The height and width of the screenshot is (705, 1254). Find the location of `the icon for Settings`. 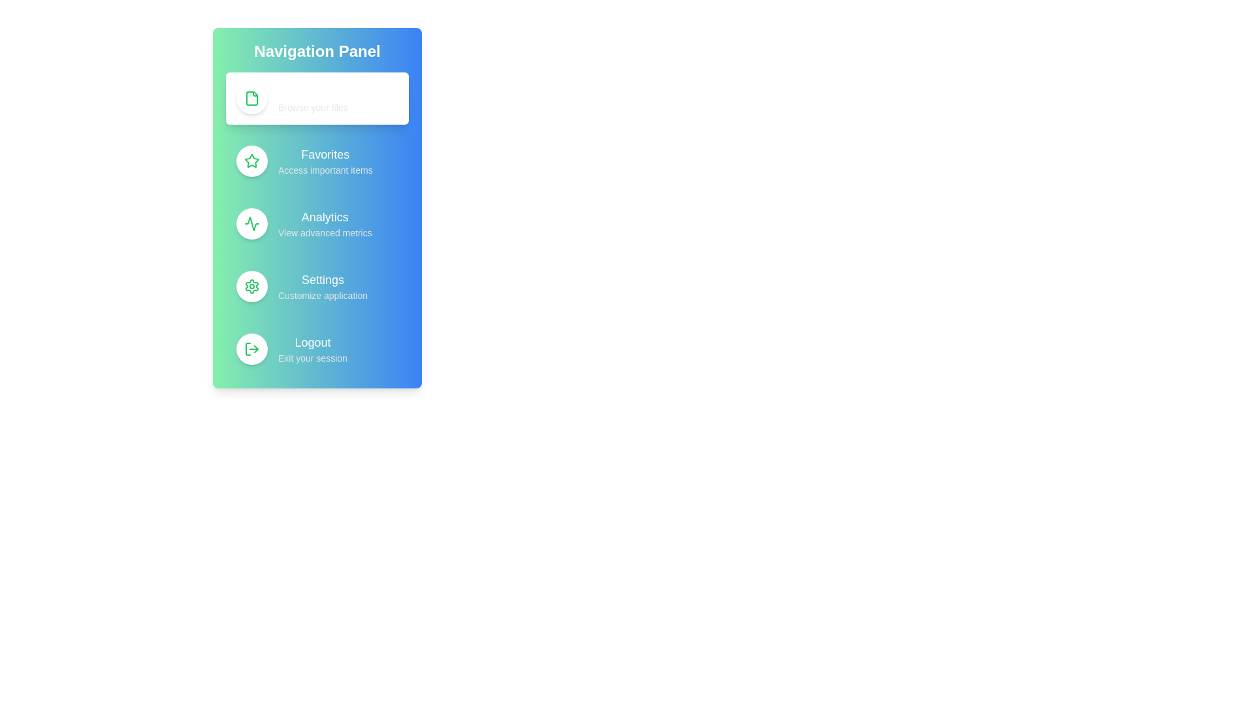

the icon for Settings is located at coordinates (251, 286).